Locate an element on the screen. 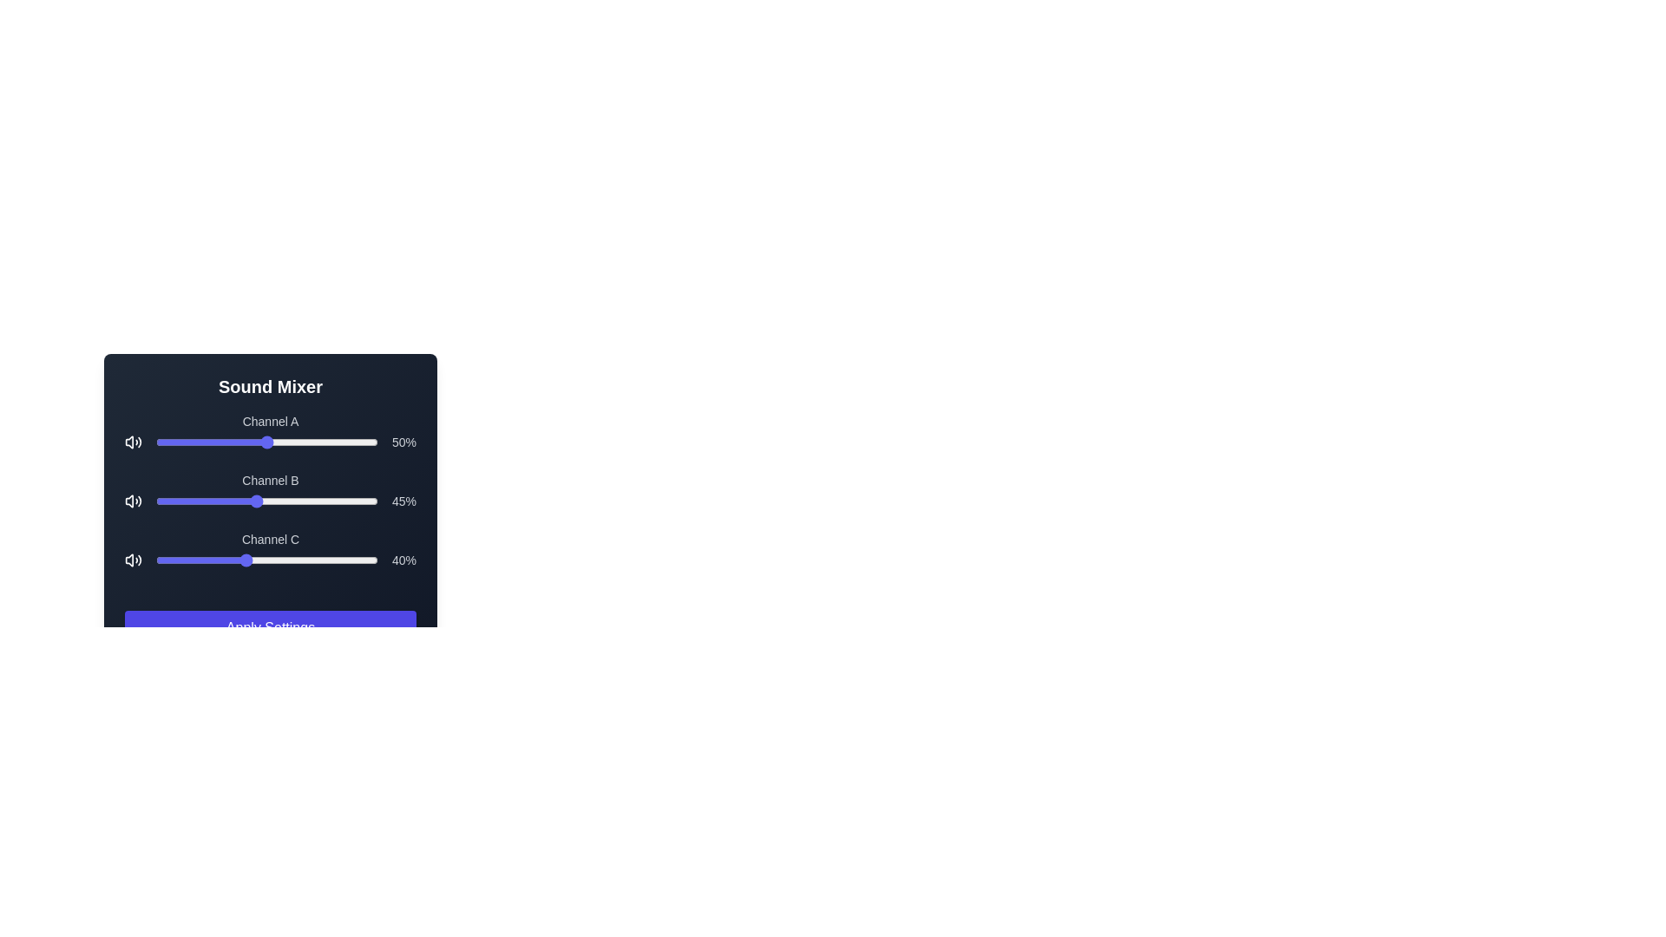  the Channel B volume is located at coordinates (233, 501).